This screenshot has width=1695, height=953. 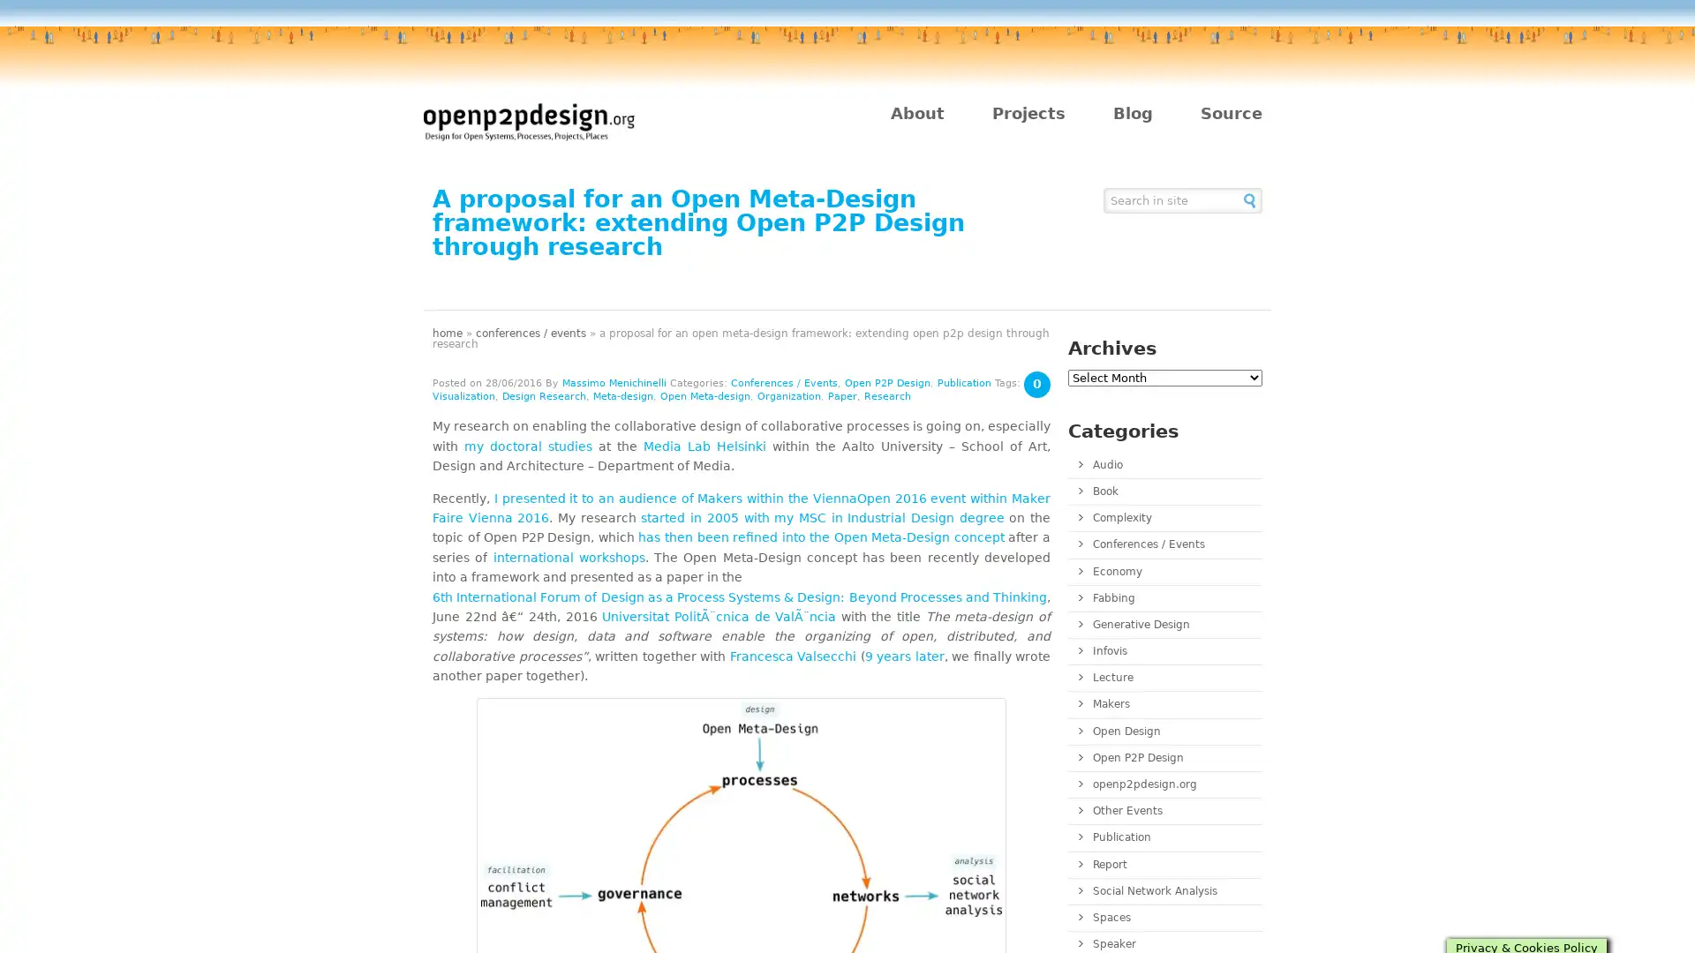 I want to click on Search, so click(x=1249, y=199).